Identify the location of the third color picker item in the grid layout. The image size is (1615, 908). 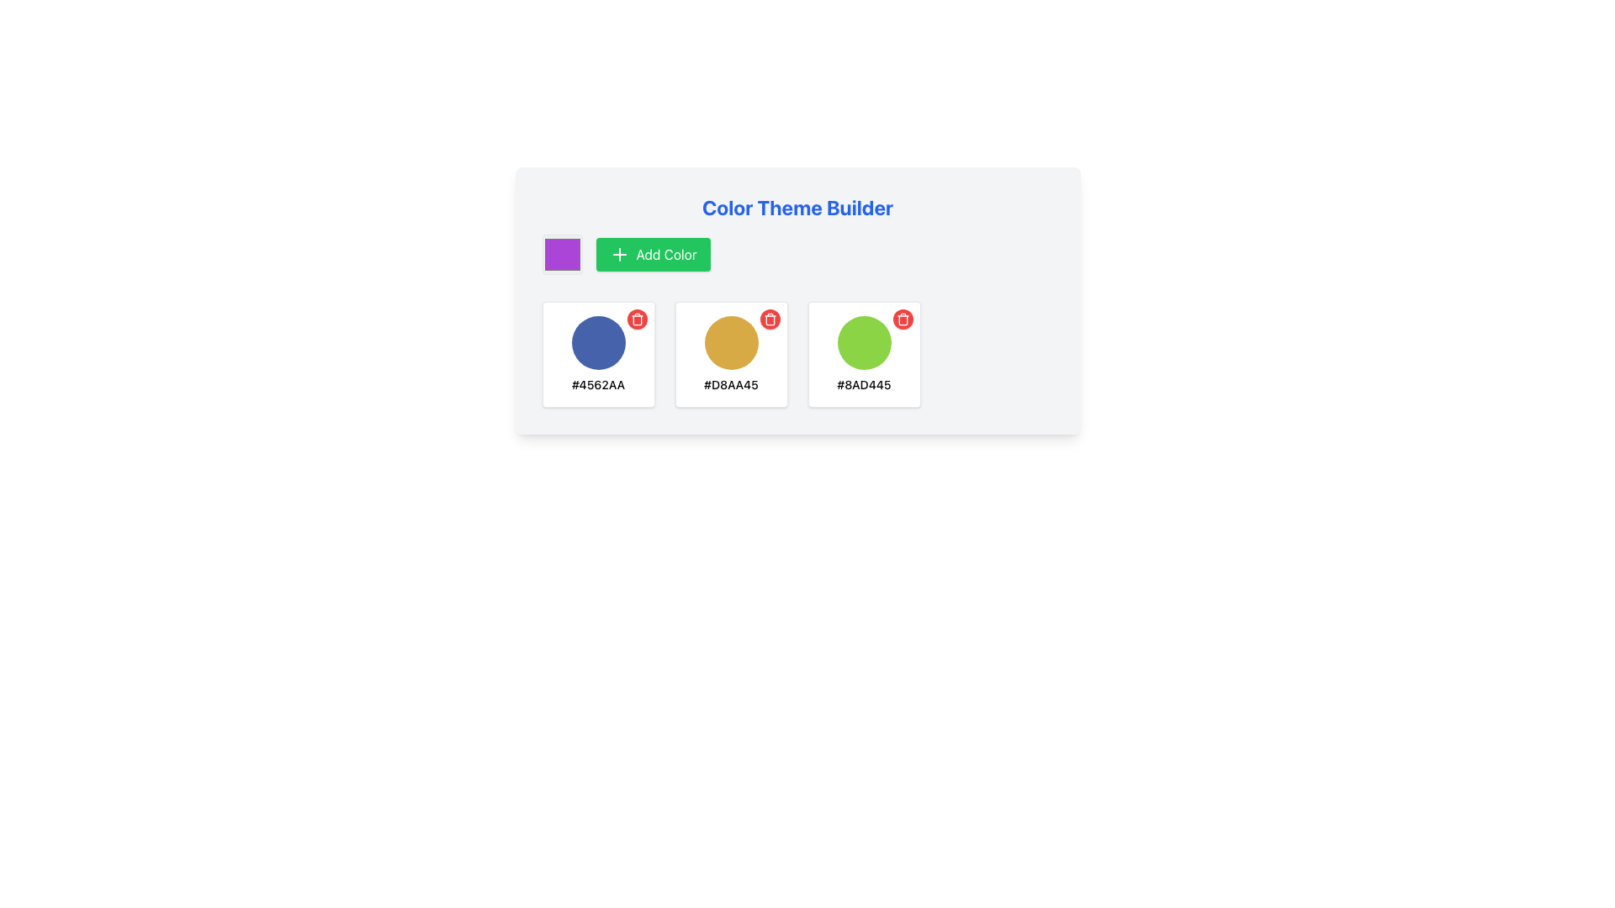
(864, 353).